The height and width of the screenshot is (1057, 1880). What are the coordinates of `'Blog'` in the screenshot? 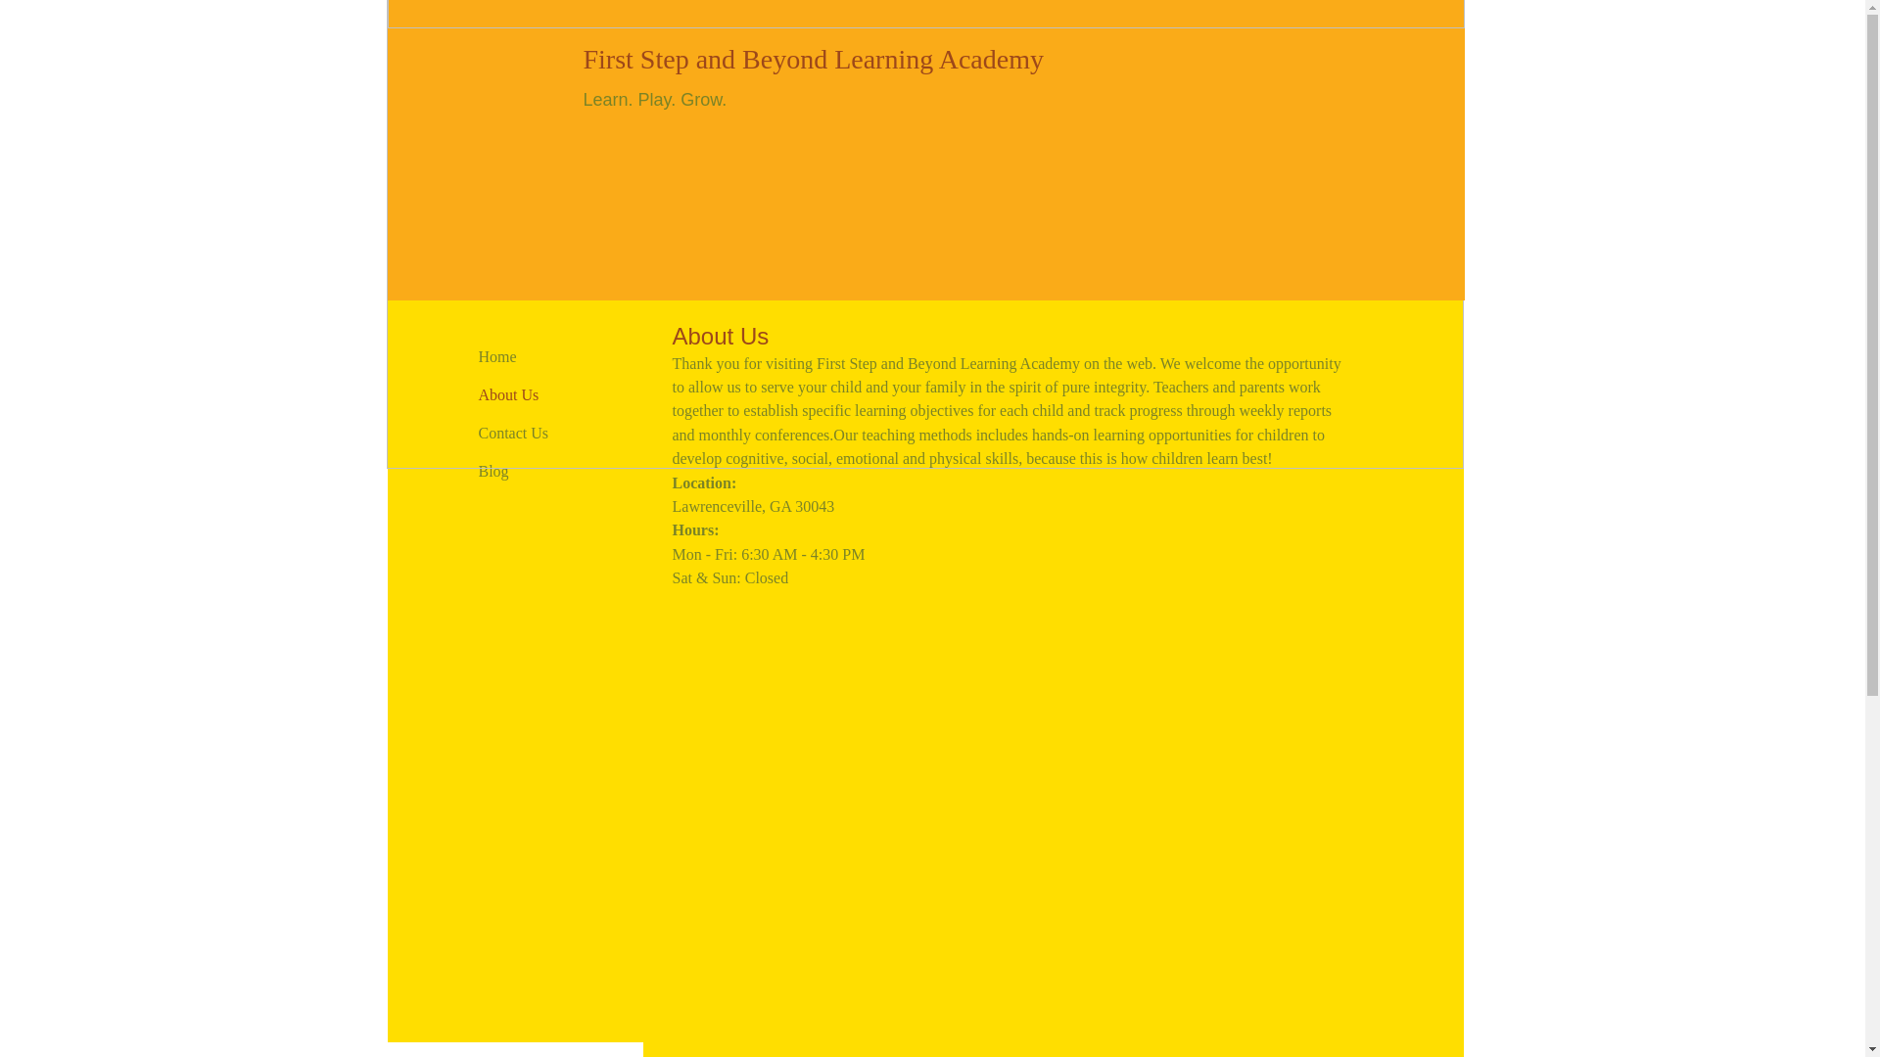 It's located at (493, 472).